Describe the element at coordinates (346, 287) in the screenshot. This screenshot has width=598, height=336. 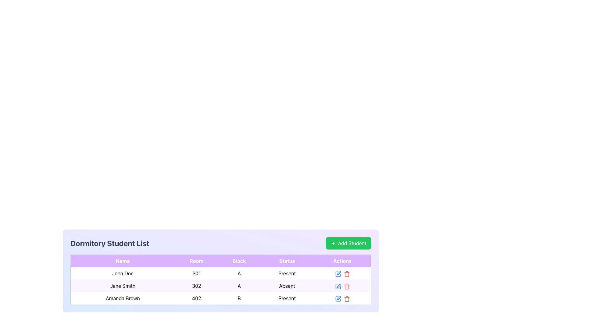
I see `the trash can icon associated with the second row for 'Jane Smith' in the 'Actions' column` at that location.